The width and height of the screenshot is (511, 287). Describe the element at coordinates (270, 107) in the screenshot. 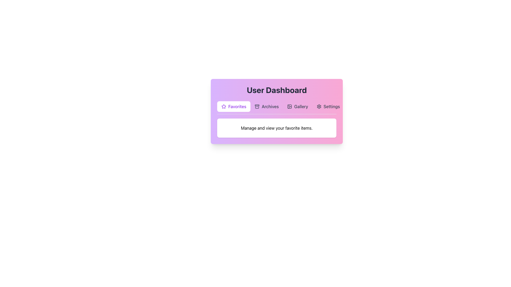

I see `the 'Archives' text label located in the navigation menu under 'User Dashboard', positioned between the 'Favorites' button and the 'Gallery' option` at that location.